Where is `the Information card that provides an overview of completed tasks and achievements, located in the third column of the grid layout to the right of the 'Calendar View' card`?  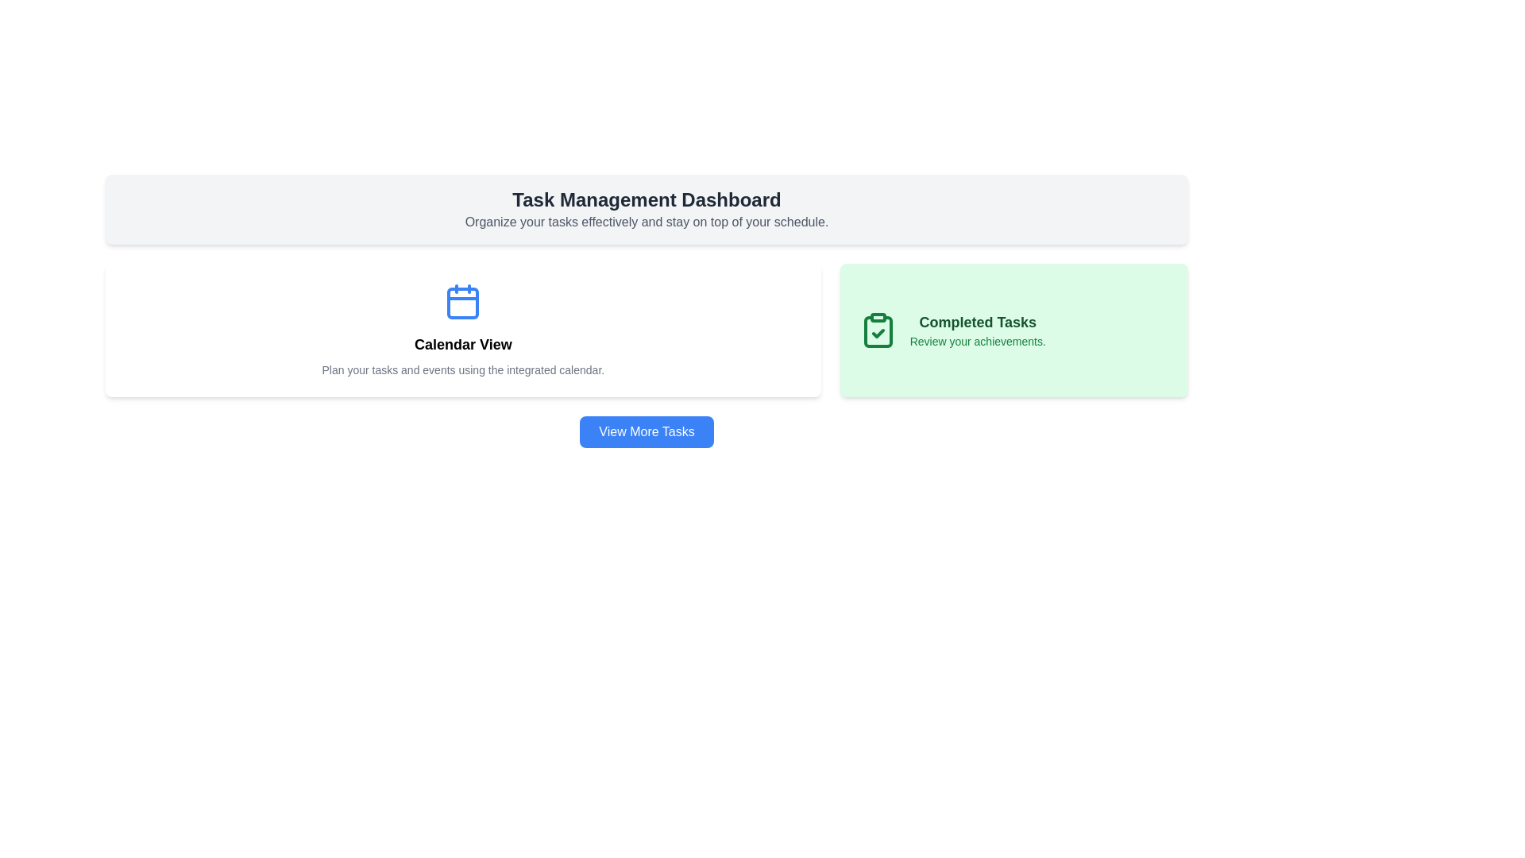
the Information card that provides an overview of completed tasks and achievements, located in the third column of the grid layout to the right of the 'Calendar View' card is located at coordinates (1013, 330).